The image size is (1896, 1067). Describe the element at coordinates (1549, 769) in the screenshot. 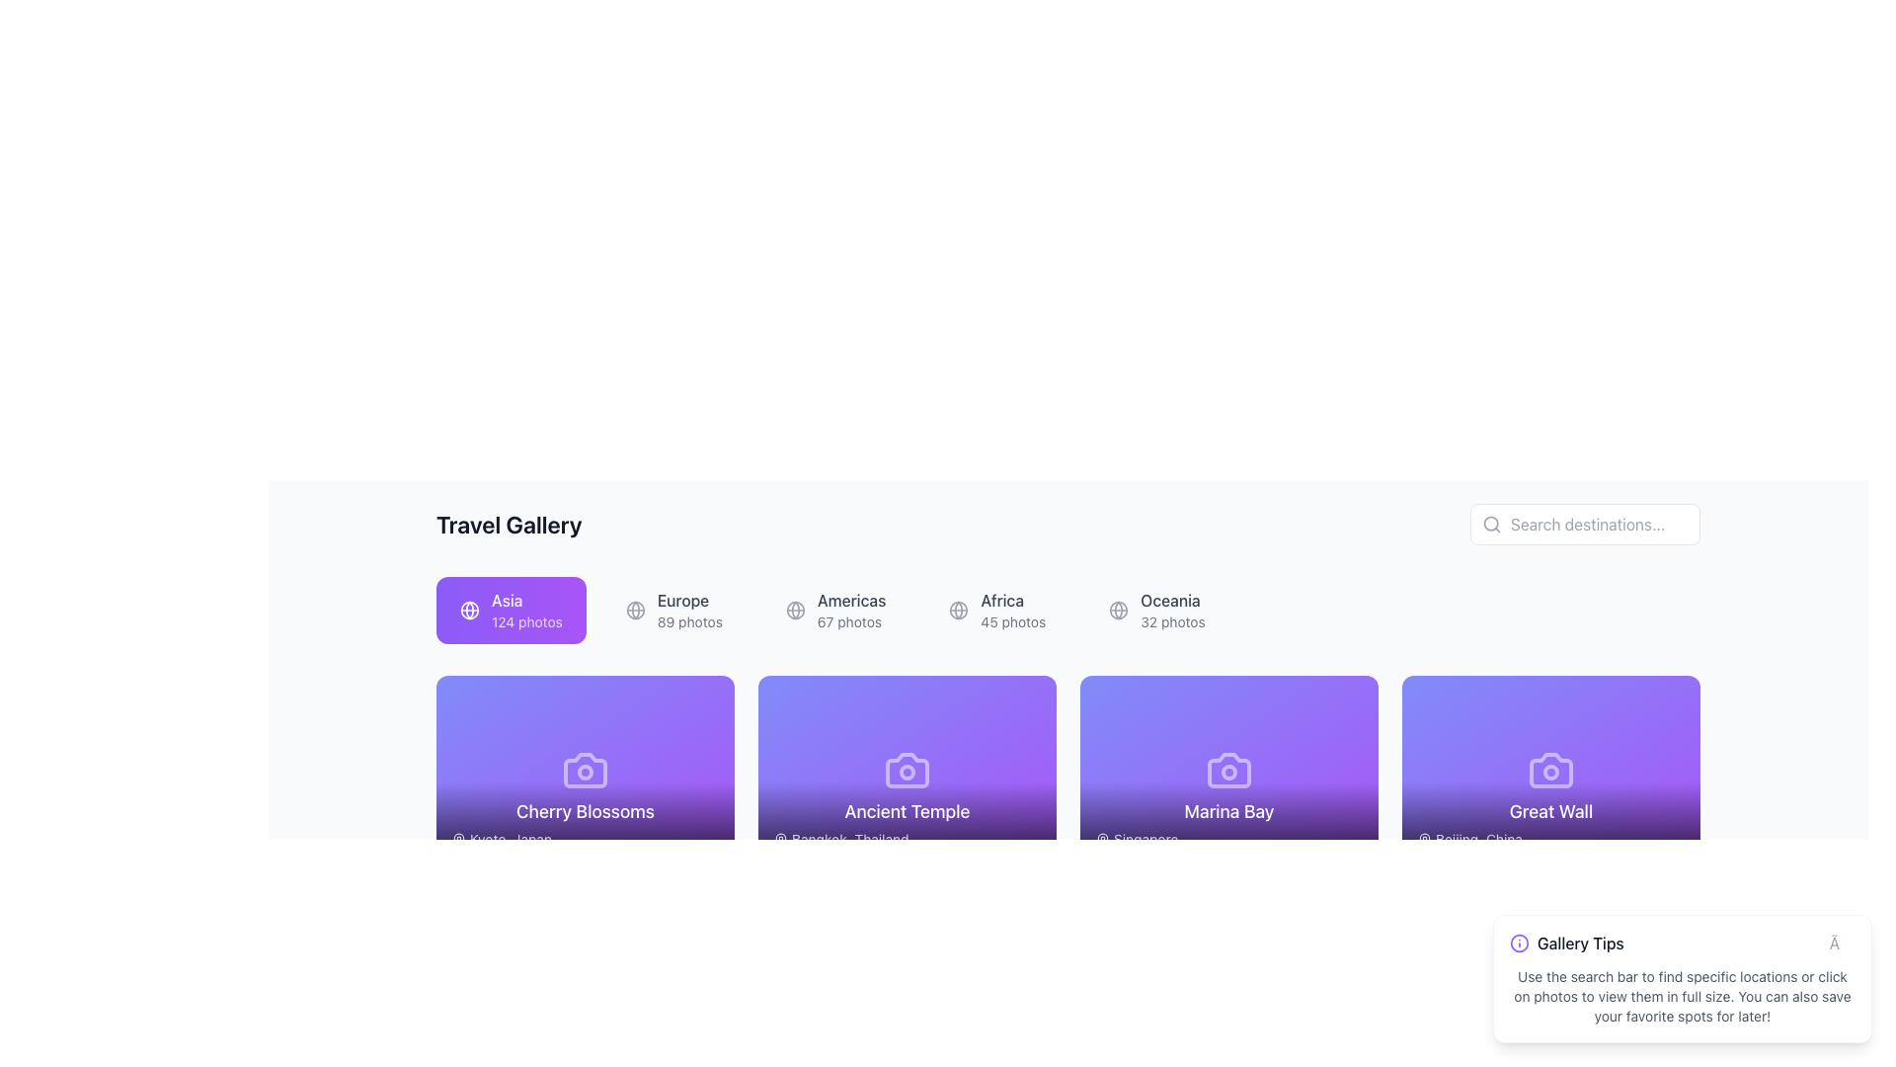

I see `the icon that indicates visual or photographic content associated with the 'Great Wall' card, positioned at the center of the upper section of the card` at that location.